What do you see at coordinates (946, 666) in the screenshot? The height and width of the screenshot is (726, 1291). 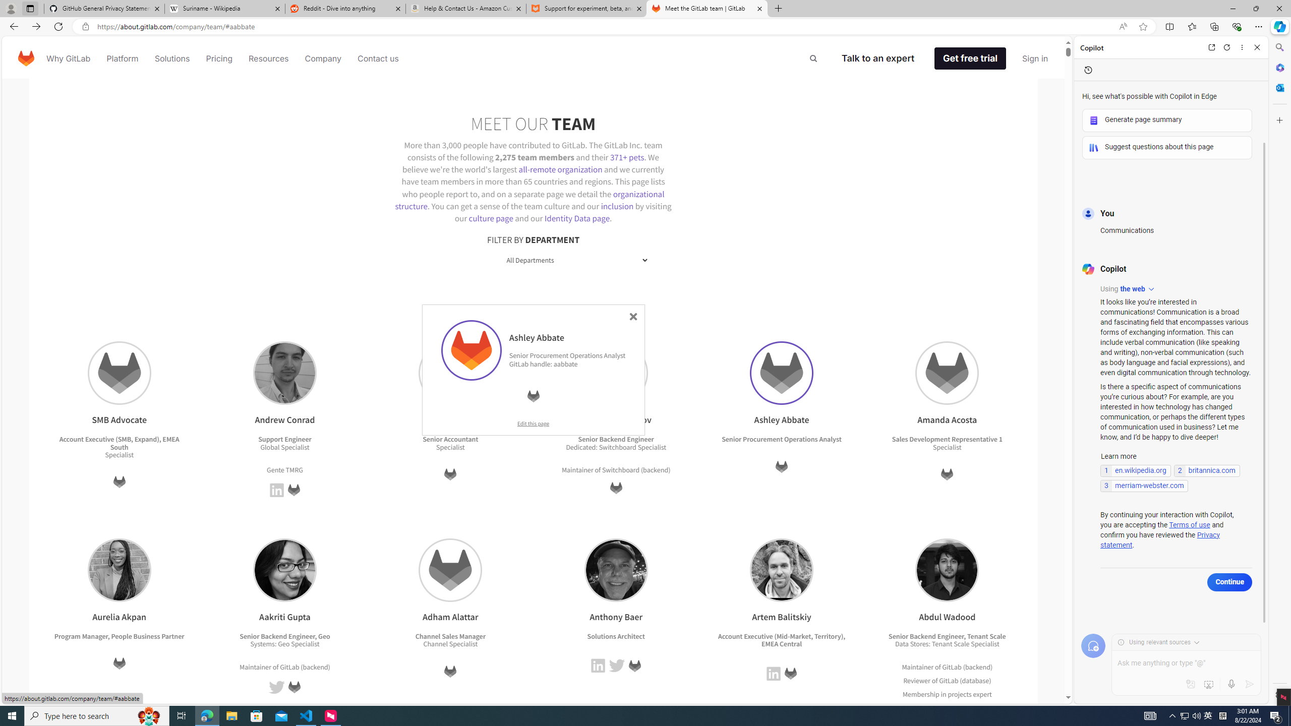 I see `'Maintainer of GitLab (backend)'` at bounding box center [946, 666].